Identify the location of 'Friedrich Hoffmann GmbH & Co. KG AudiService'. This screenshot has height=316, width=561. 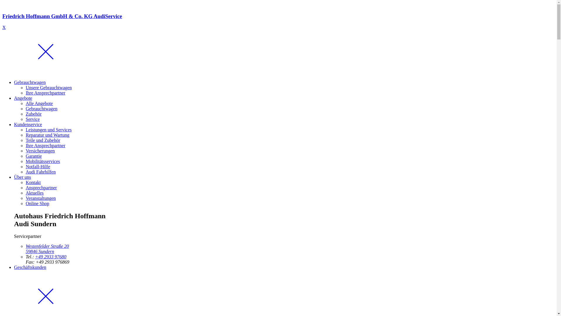
(2, 21).